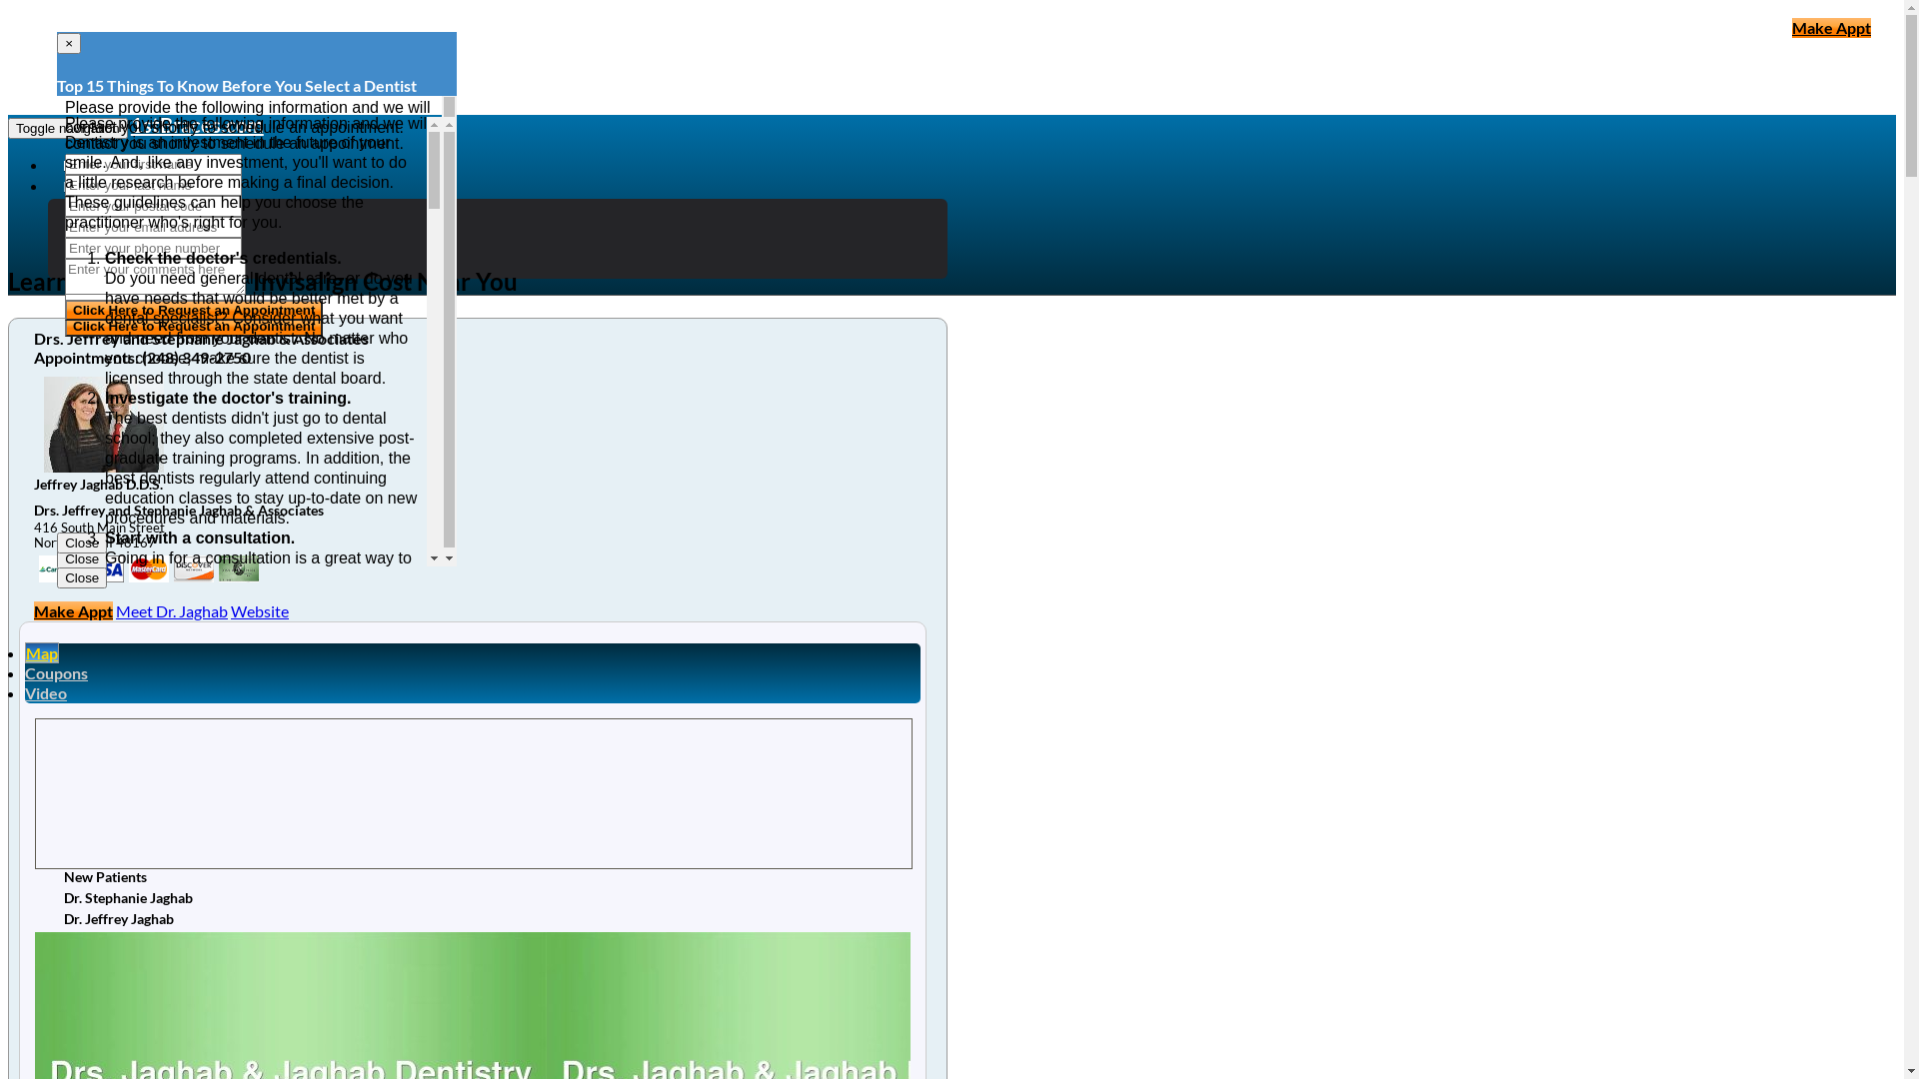 This screenshot has width=1919, height=1079. What do you see at coordinates (42, 652) in the screenshot?
I see `'Map'` at bounding box center [42, 652].